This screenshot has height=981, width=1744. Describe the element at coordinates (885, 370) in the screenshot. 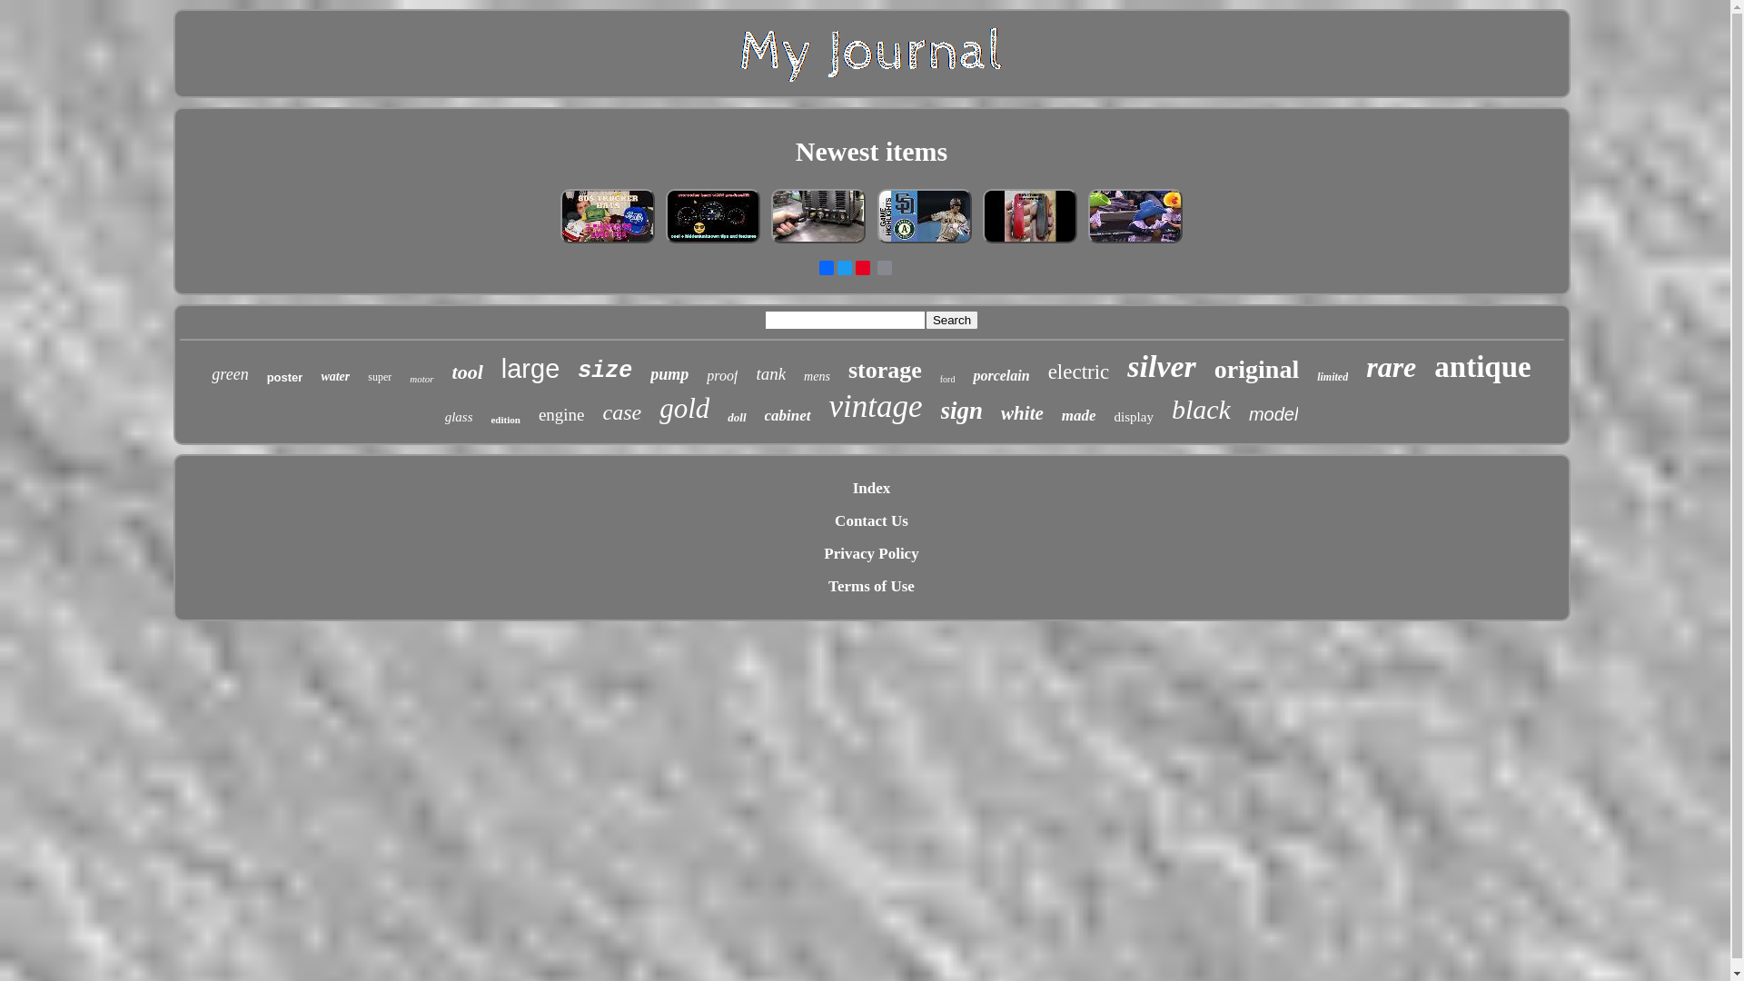

I see `'storage'` at that location.